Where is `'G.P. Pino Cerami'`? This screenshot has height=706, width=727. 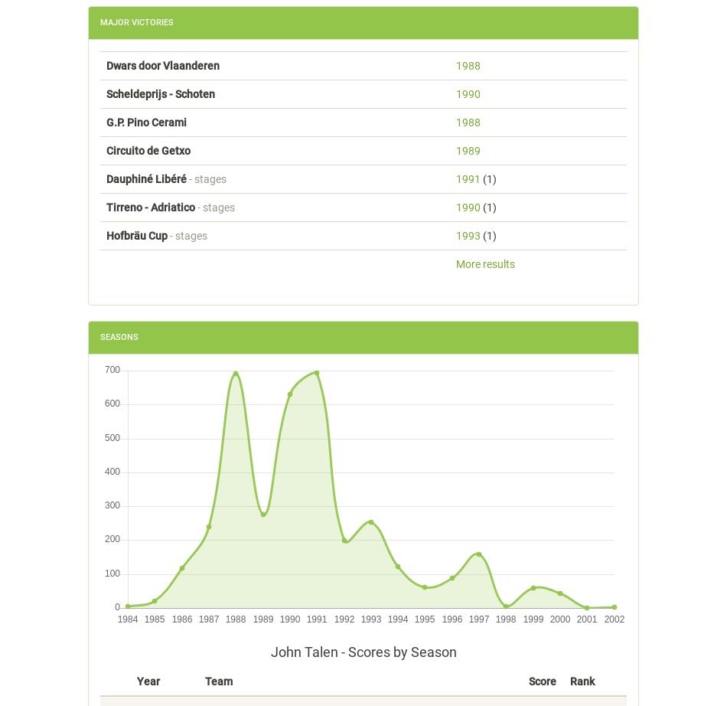
'G.P. Pino Cerami' is located at coordinates (146, 122).